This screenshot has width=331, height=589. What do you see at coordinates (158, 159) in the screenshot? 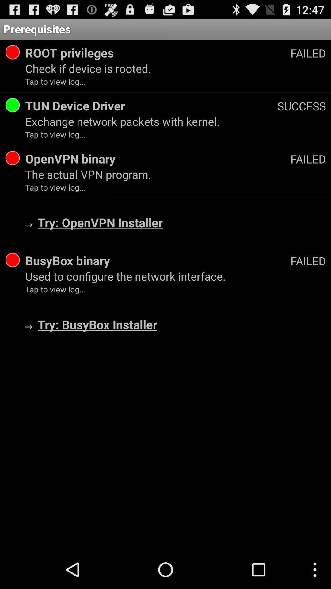
I see `the openvpn binary icon` at bounding box center [158, 159].